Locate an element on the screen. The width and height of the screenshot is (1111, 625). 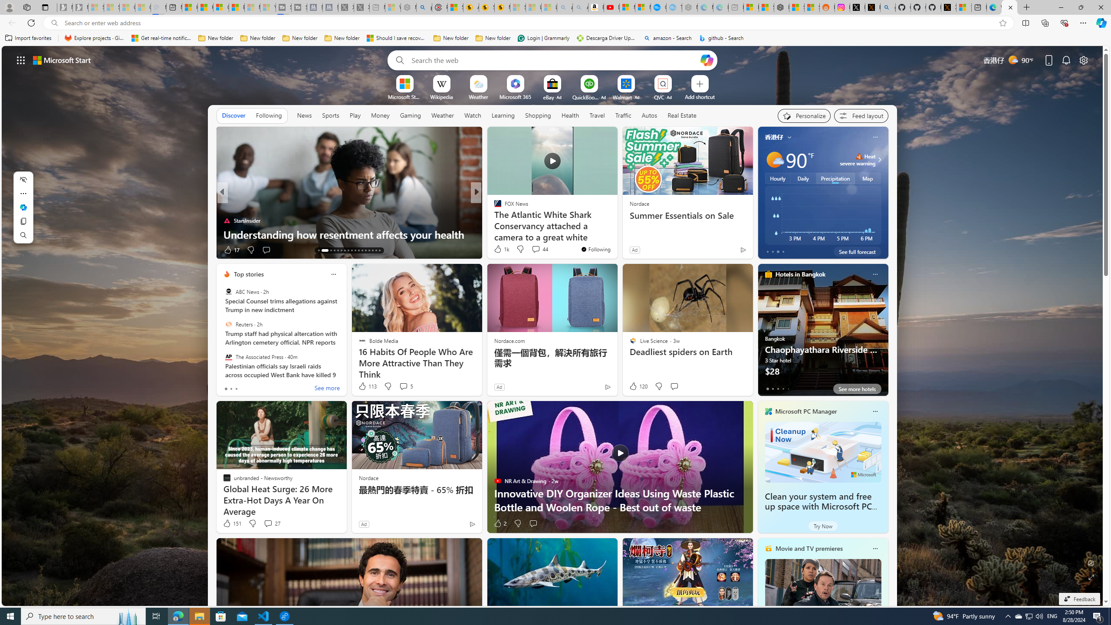
'Map' is located at coordinates (868, 178).